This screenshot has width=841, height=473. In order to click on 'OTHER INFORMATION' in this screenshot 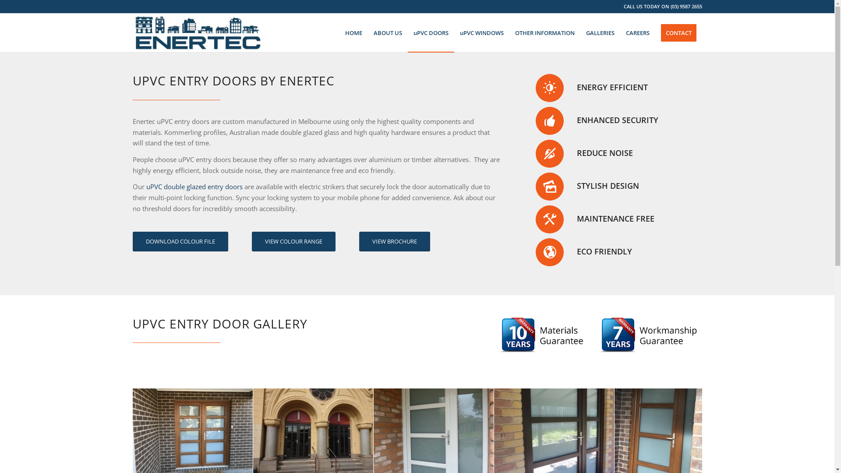, I will do `click(544, 32)`.